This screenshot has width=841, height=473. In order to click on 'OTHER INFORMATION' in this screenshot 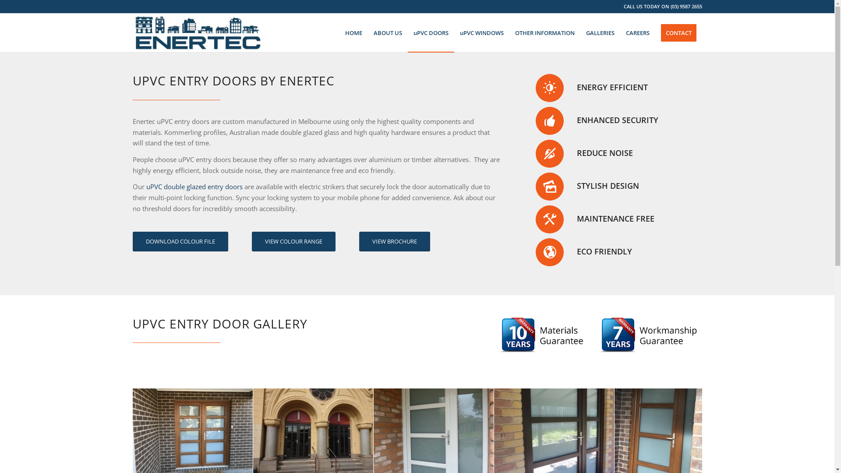, I will do `click(544, 32)`.